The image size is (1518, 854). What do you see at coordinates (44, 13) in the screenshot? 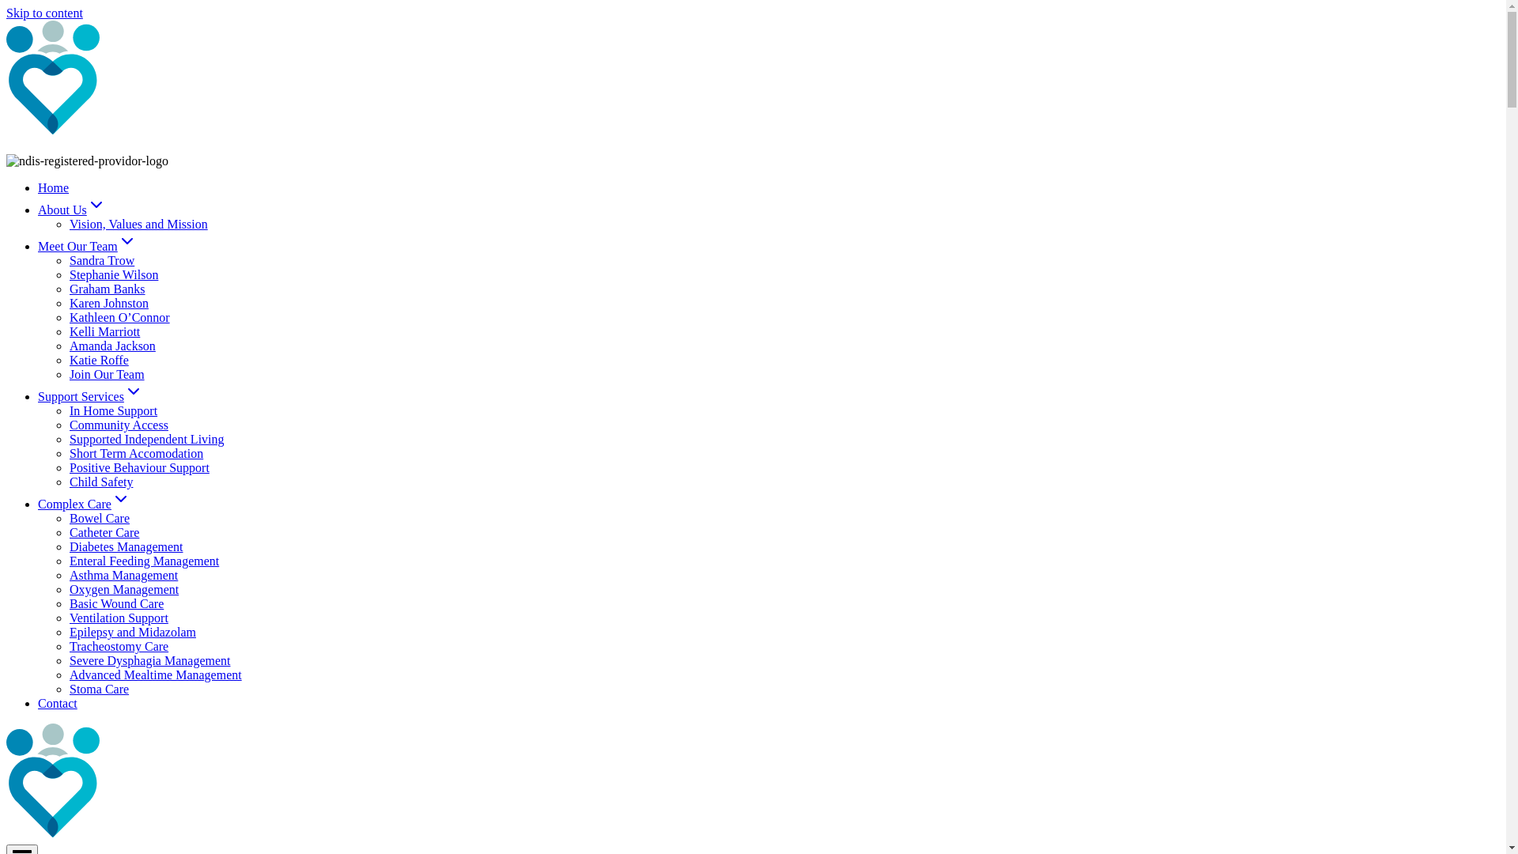
I see `'Skip to content'` at bounding box center [44, 13].